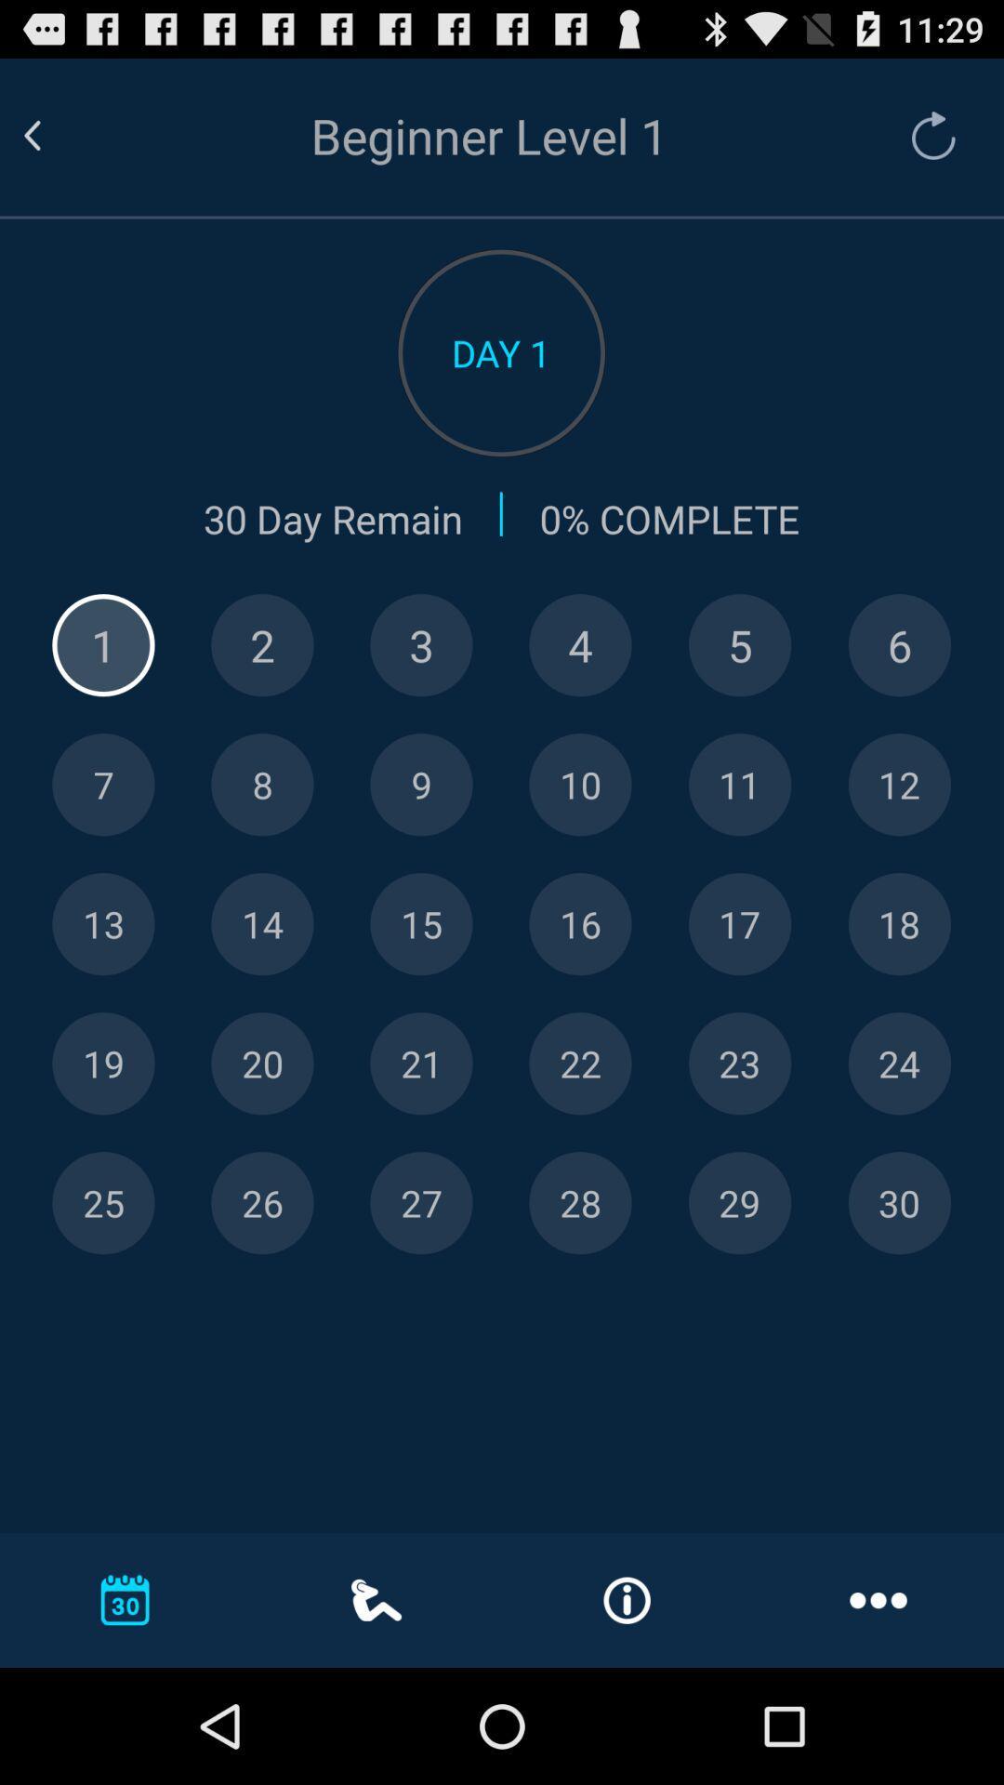 This screenshot has height=1785, width=1004. I want to click on final day, so click(898, 1203).